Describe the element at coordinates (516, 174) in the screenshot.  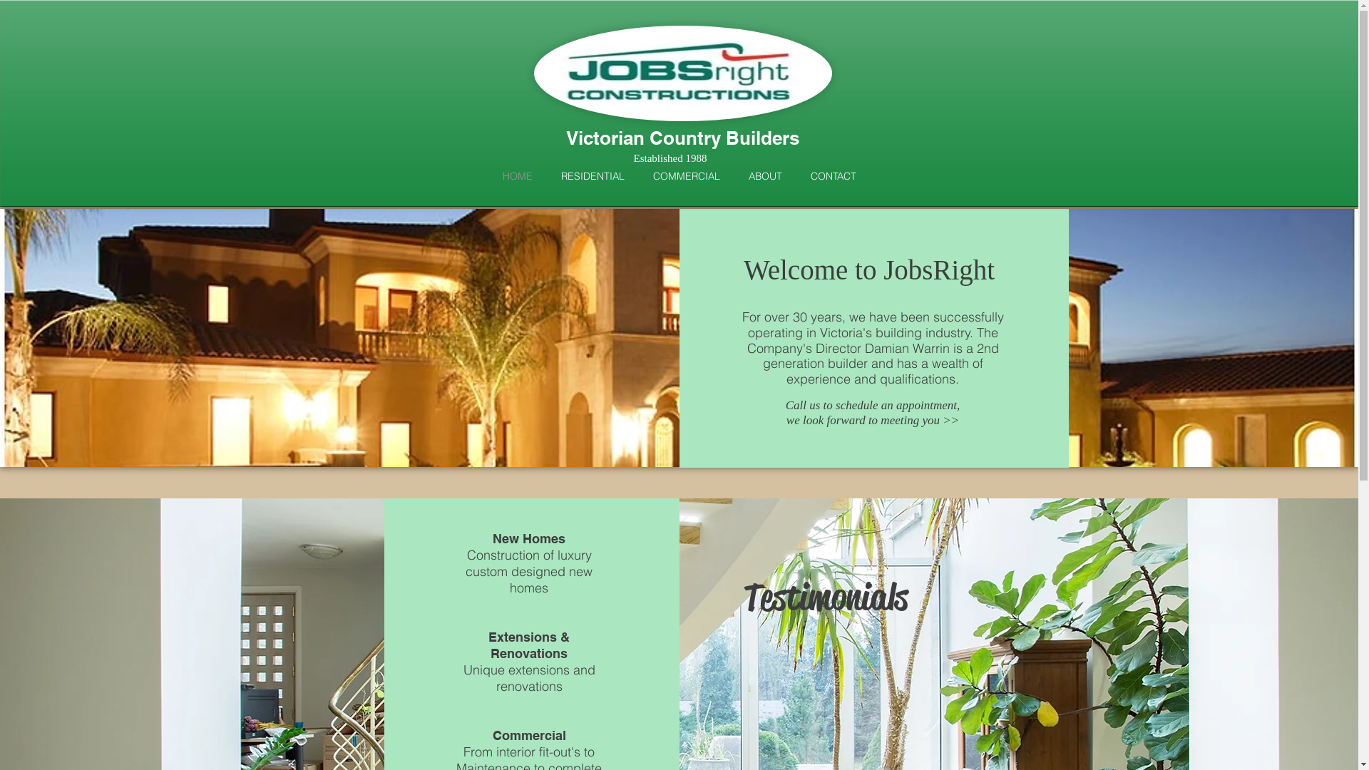
I see `'HOME'` at that location.